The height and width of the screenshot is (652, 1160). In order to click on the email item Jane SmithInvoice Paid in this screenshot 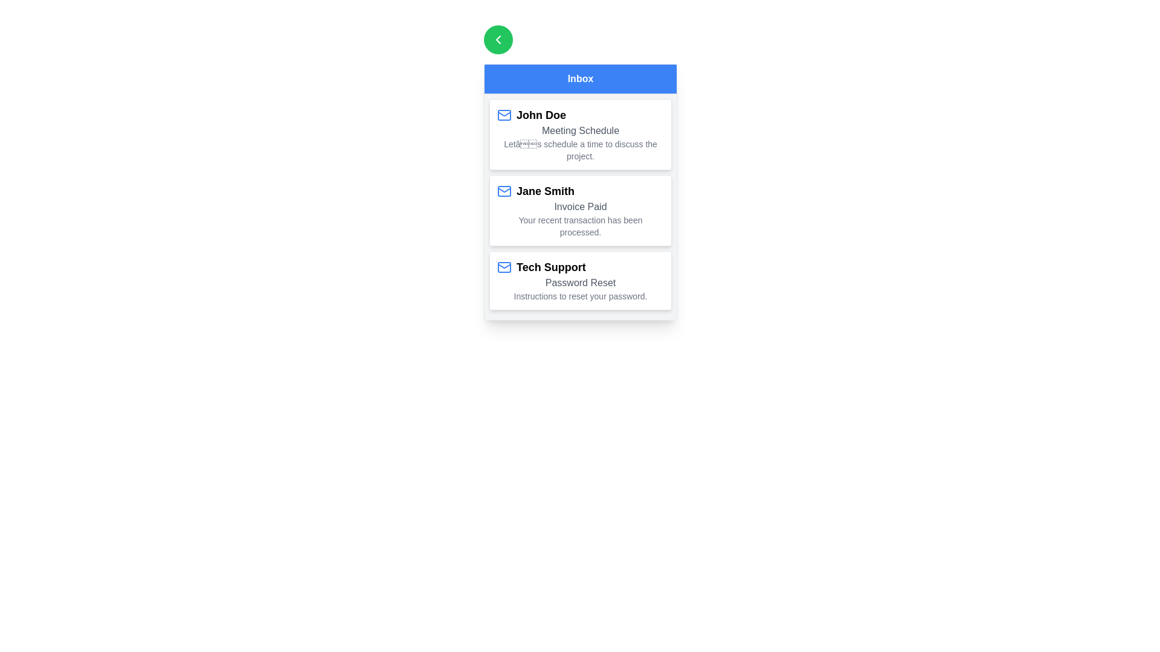, I will do `click(580, 209)`.